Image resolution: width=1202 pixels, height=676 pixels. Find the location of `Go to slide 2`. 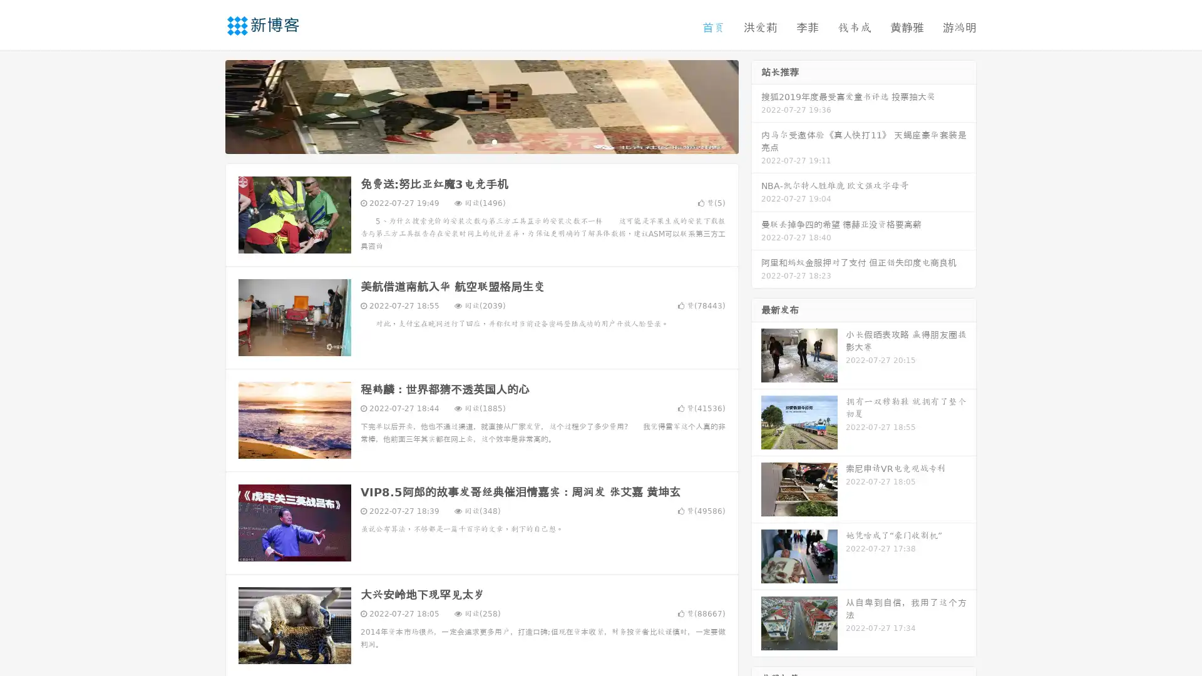

Go to slide 2 is located at coordinates (481, 141).